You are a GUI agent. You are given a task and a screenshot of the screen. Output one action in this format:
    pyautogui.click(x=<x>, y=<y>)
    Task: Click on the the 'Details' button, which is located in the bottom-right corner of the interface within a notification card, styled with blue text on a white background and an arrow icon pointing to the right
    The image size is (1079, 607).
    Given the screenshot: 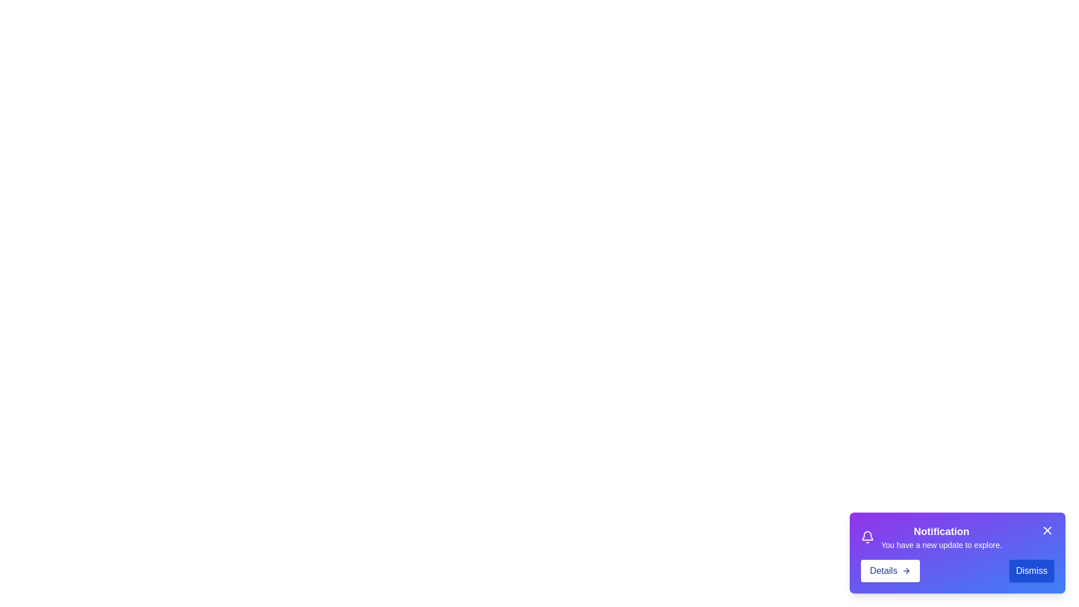 What is the action you would take?
    pyautogui.click(x=890, y=570)
    